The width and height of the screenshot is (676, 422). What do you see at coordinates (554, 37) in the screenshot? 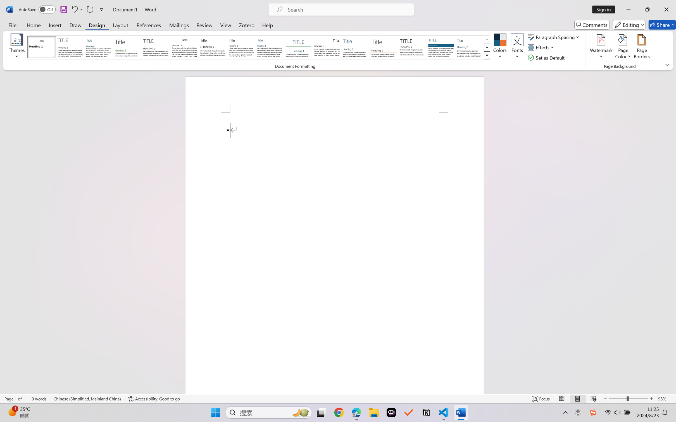
I see `'Paragraph Spacing'` at bounding box center [554, 37].